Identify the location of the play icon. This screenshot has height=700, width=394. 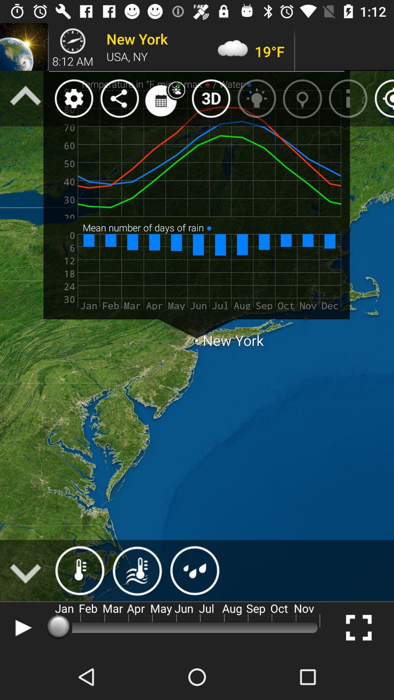
(21, 627).